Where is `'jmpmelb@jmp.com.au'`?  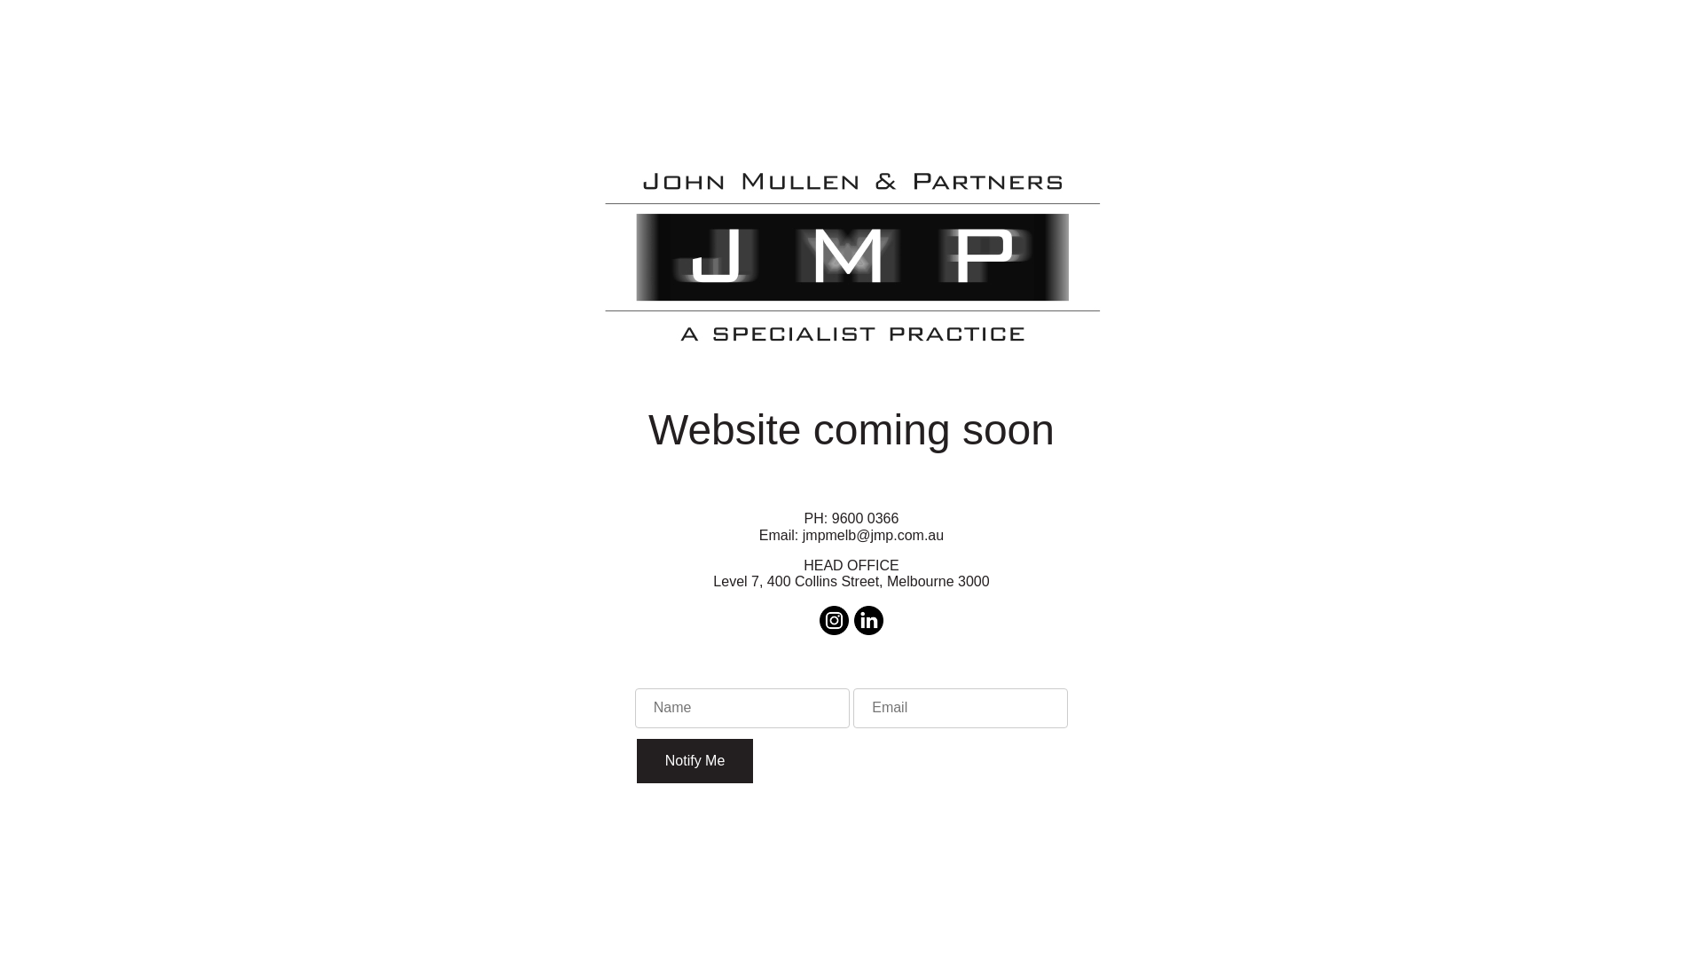
'jmpmelb@jmp.com.au' is located at coordinates (873, 534).